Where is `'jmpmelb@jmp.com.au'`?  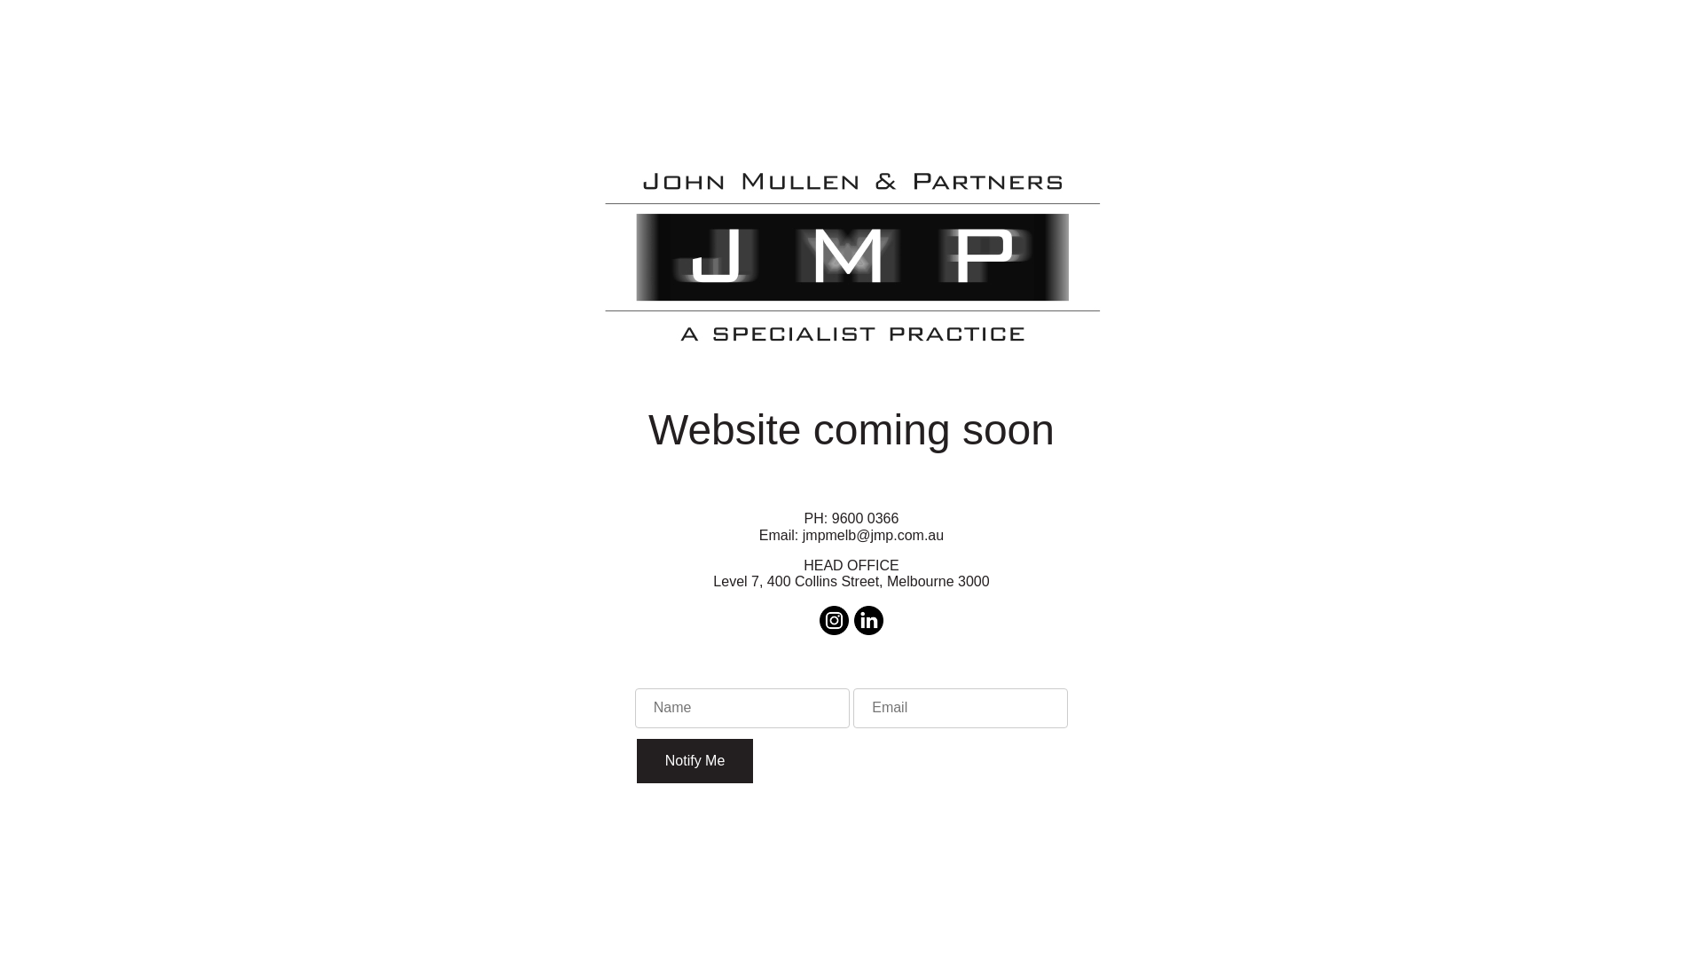
'jmpmelb@jmp.com.au' is located at coordinates (873, 534).